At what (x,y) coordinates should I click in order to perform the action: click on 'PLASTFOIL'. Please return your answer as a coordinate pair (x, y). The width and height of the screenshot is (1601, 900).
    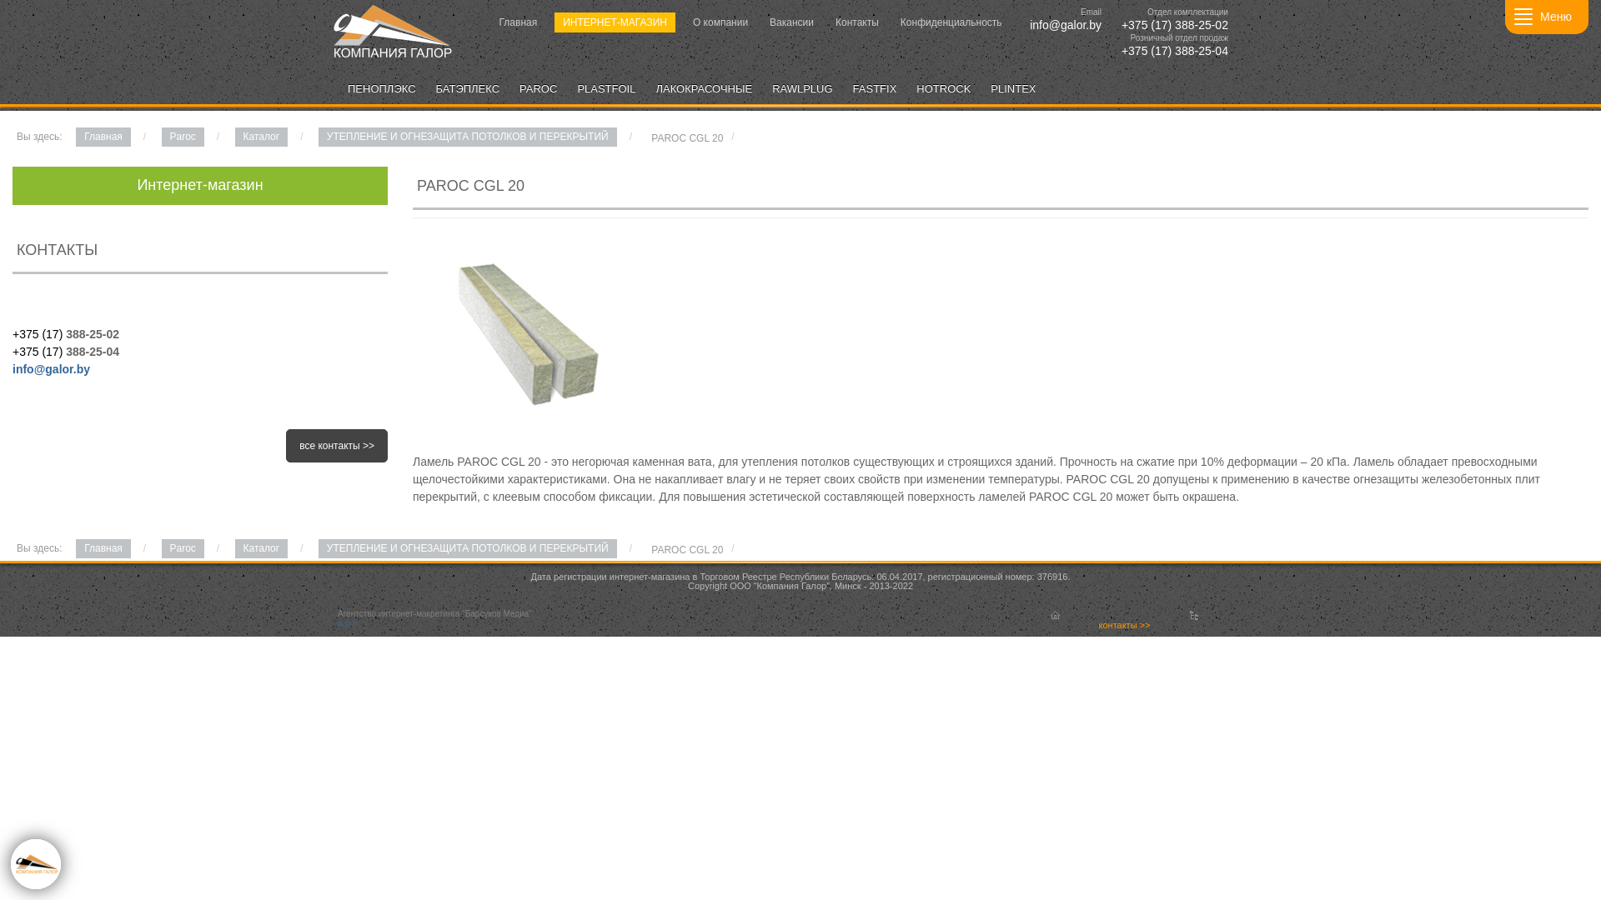
    Looking at the image, I should click on (605, 89).